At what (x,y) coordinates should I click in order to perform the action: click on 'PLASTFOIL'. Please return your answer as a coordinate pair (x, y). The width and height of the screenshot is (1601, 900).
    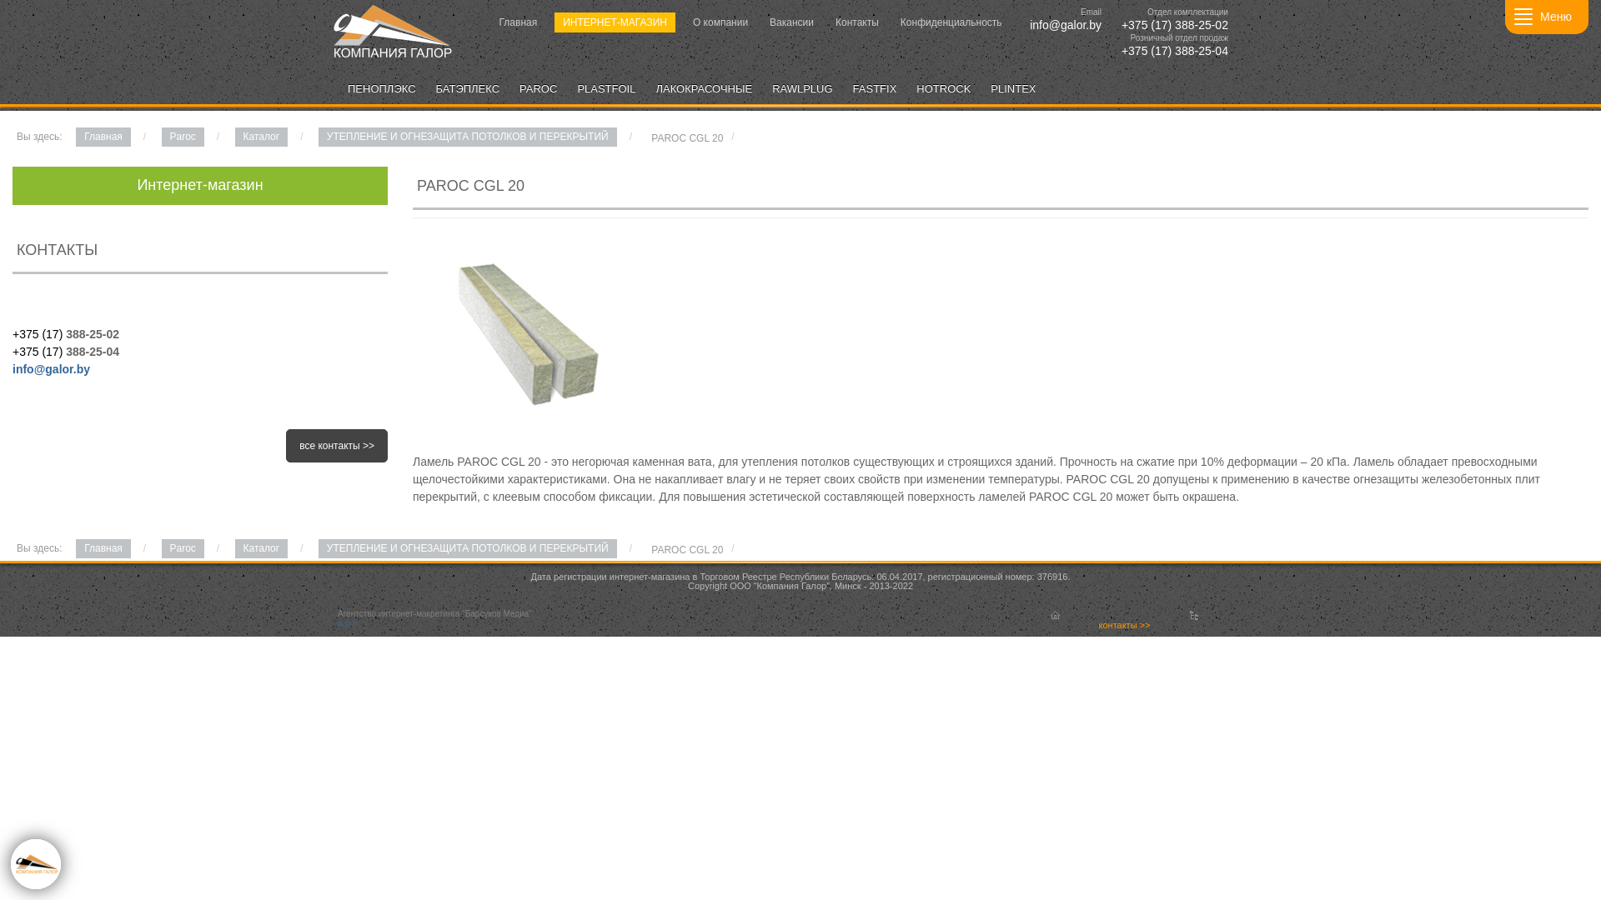
    Looking at the image, I should click on (605, 89).